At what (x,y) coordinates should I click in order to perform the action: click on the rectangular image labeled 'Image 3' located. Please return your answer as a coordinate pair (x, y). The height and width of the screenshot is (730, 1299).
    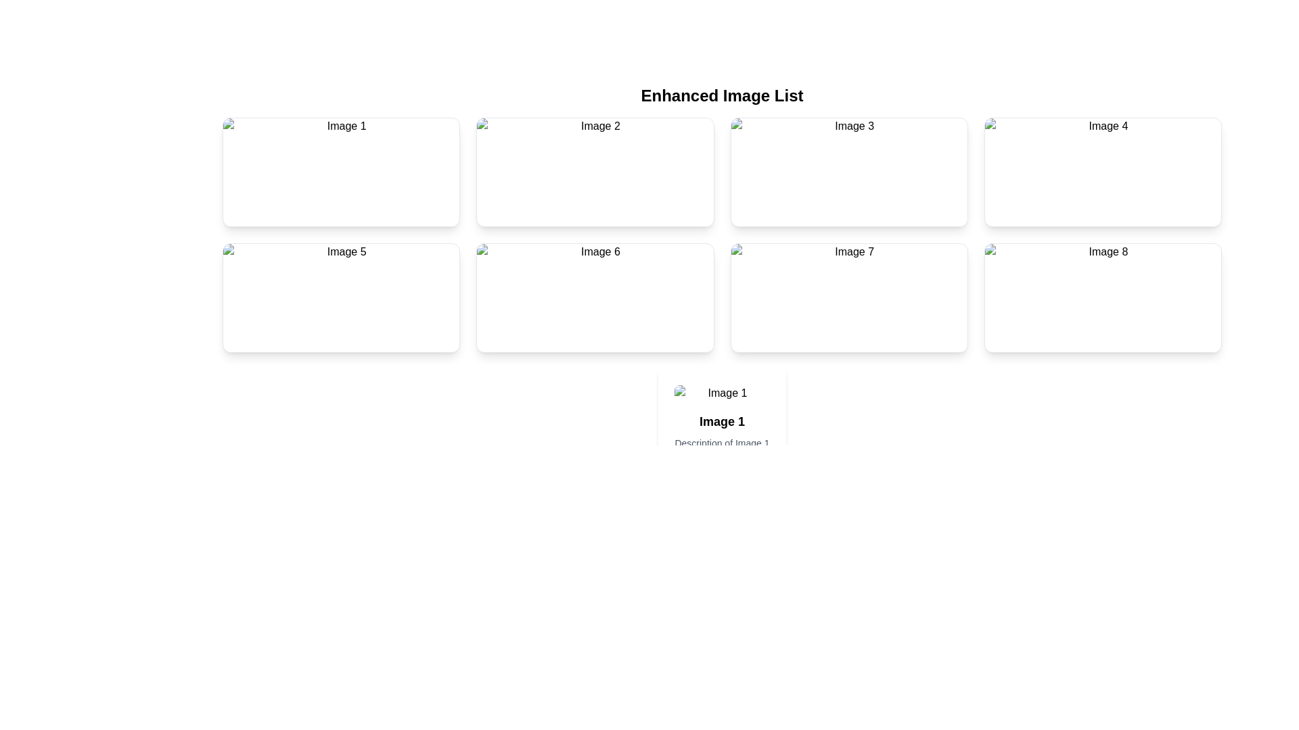
    Looking at the image, I should click on (848, 171).